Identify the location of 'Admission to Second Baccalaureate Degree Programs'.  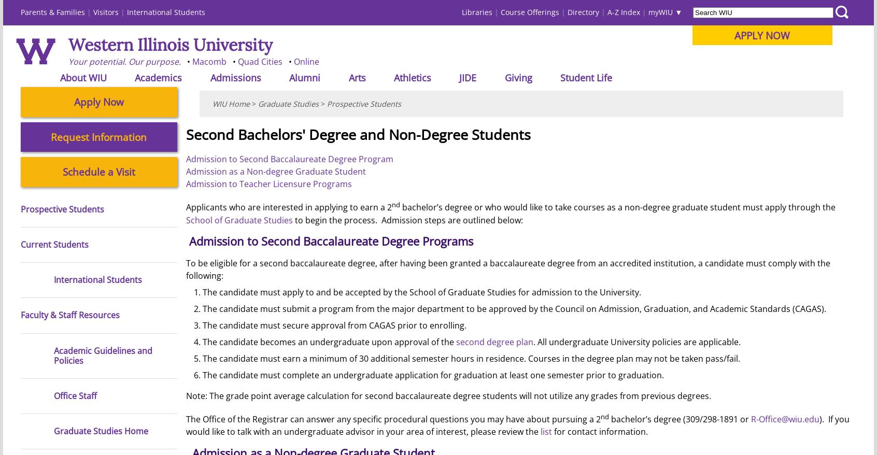
(188, 240).